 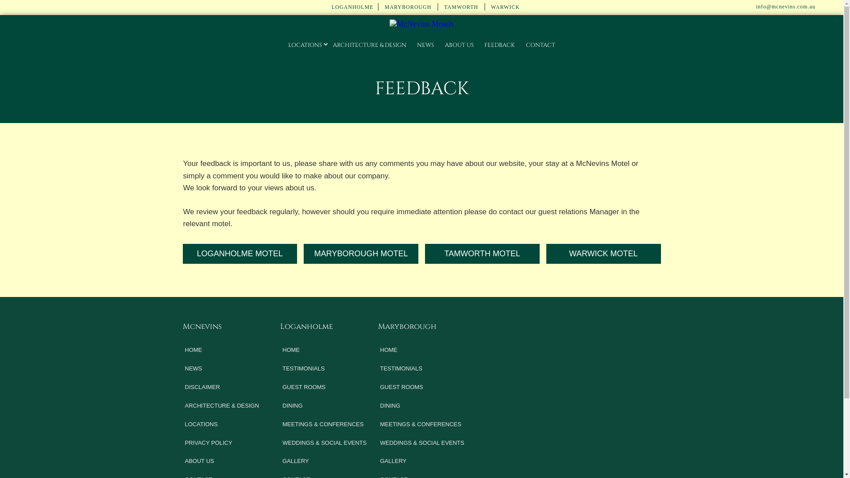 What do you see at coordinates (499, 45) in the screenshot?
I see `'FEEDBACK'` at bounding box center [499, 45].